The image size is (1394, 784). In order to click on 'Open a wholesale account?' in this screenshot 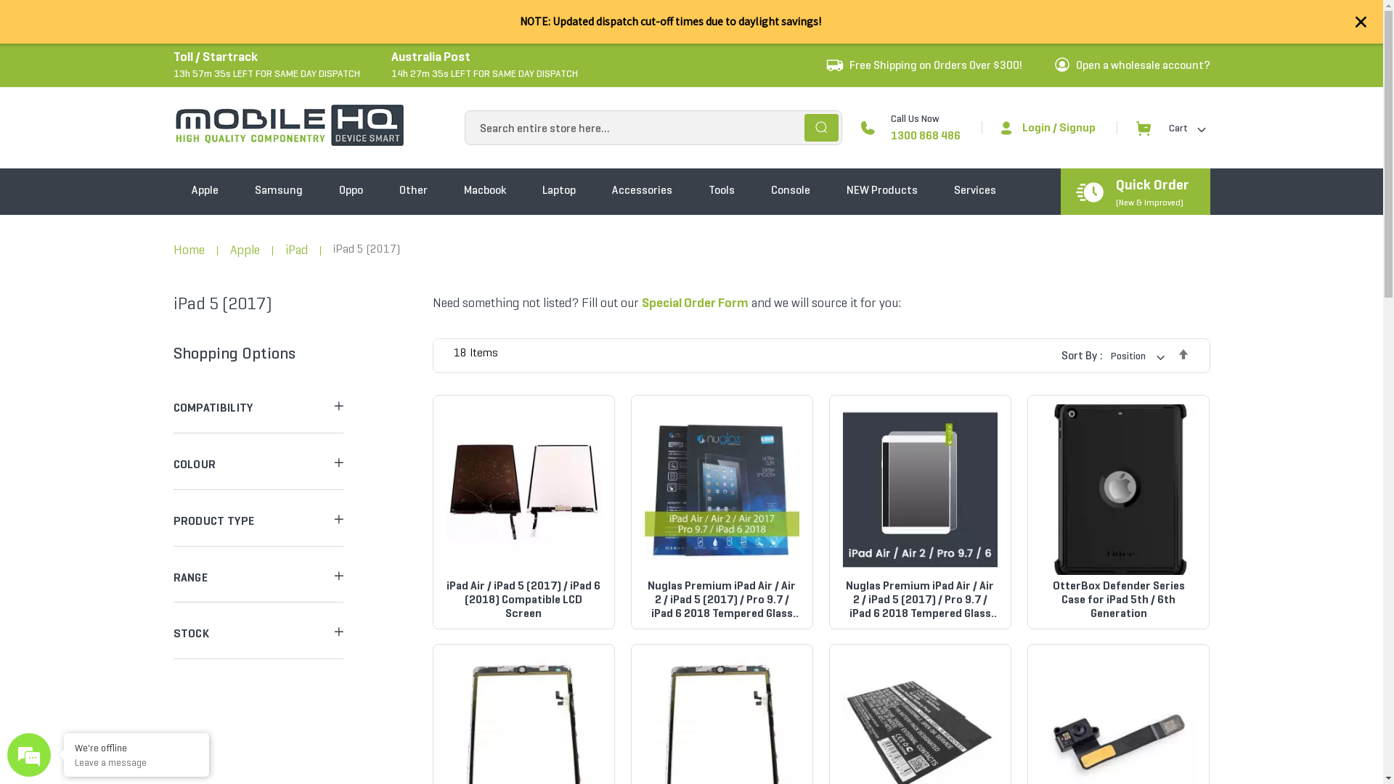, I will do `click(1142, 21)`.